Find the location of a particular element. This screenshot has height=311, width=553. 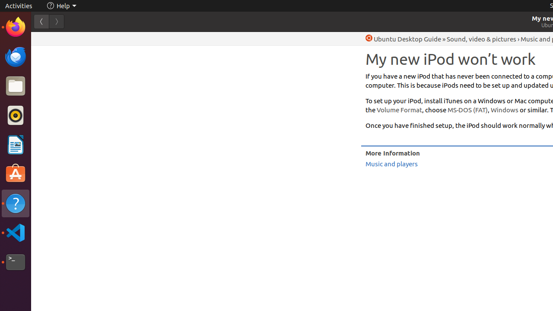

'Activities' is located at coordinates (19, 6).